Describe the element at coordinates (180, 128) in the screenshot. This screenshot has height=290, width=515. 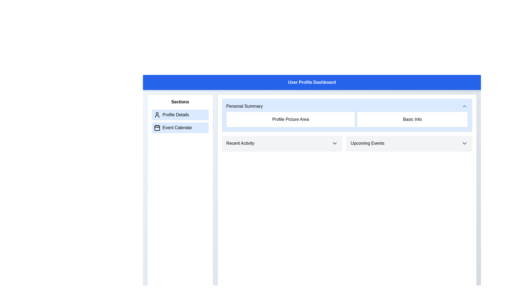
I see `the second button in the vertical list of buttons in the left sidebar labeled 'Sections'` at that location.